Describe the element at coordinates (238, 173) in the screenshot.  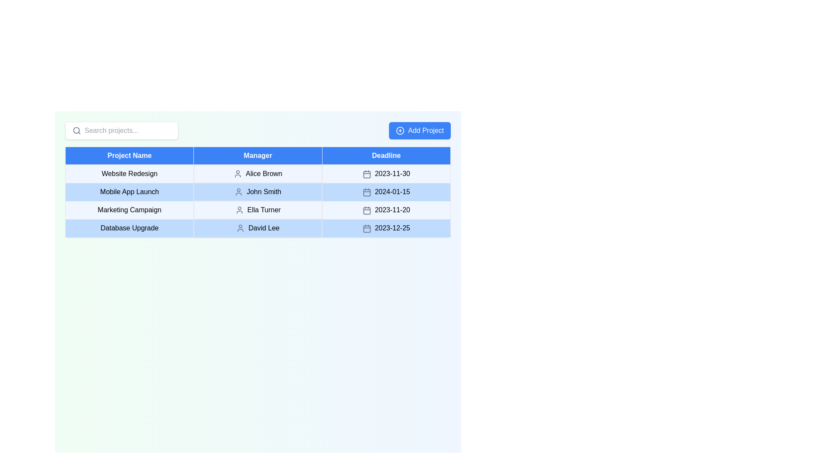
I see `the user icon representing 'Alice Brown' in the 'Manager' column of the data table for the 'Website Redesign' project` at that location.